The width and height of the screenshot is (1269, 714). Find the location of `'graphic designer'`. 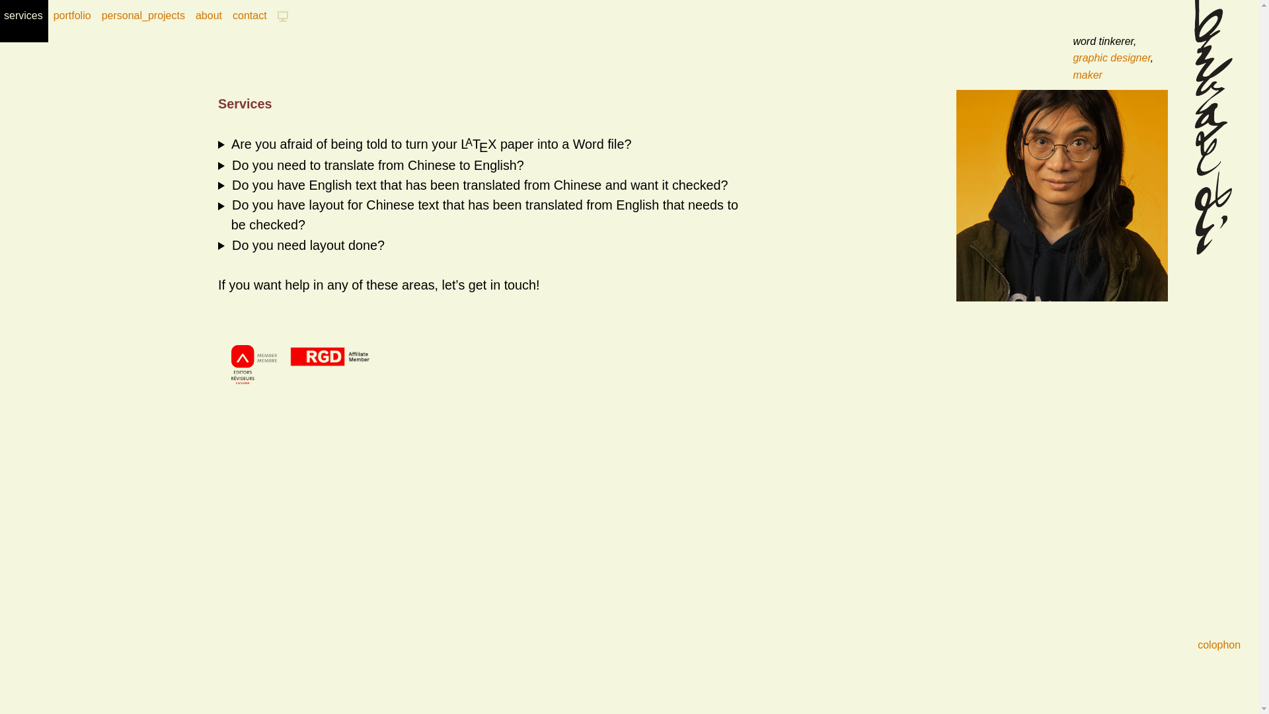

'graphic designer' is located at coordinates (1110, 57).